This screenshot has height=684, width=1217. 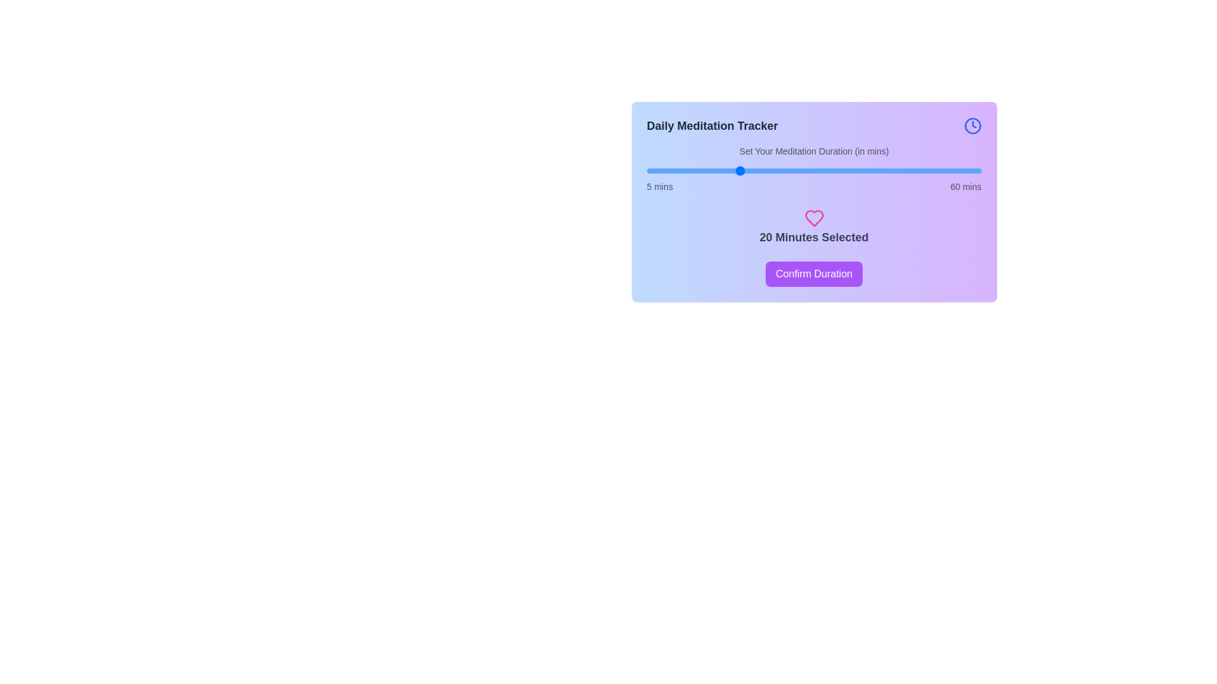 What do you see at coordinates (814, 273) in the screenshot?
I see `the 'Confirm Duration' button to confirm the selected meditation duration` at bounding box center [814, 273].